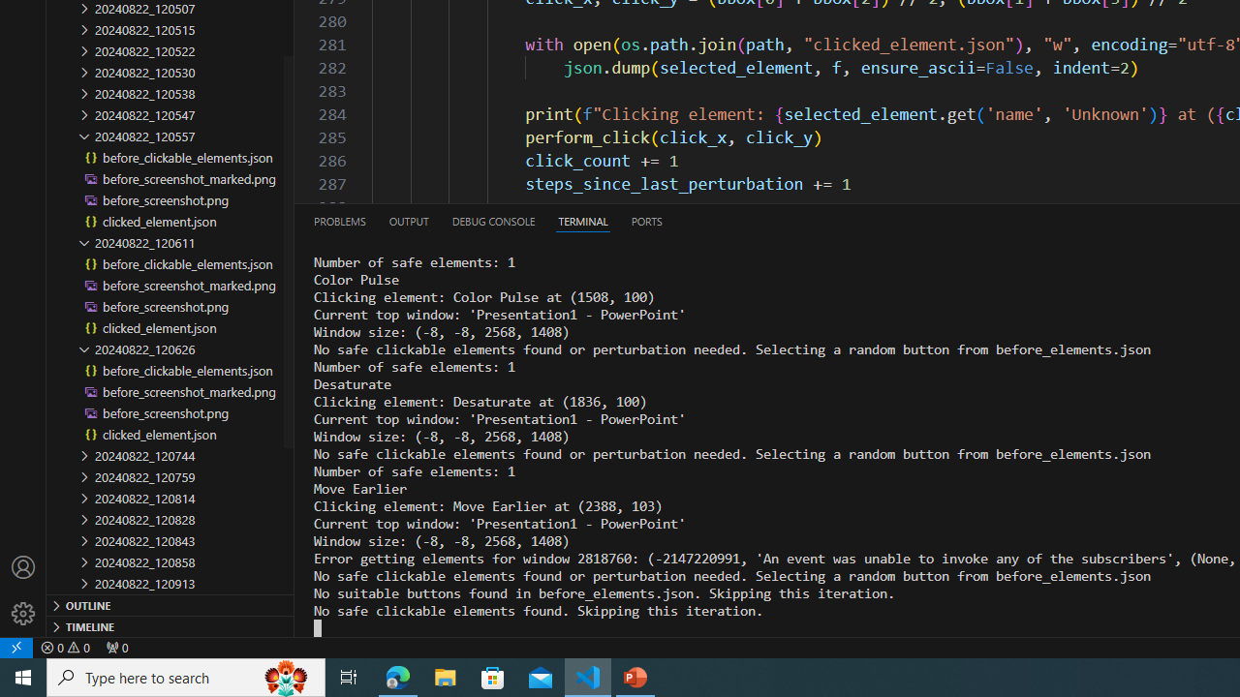 The image size is (1240, 697). What do you see at coordinates (23, 566) in the screenshot?
I see `'Accounts'` at bounding box center [23, 566].